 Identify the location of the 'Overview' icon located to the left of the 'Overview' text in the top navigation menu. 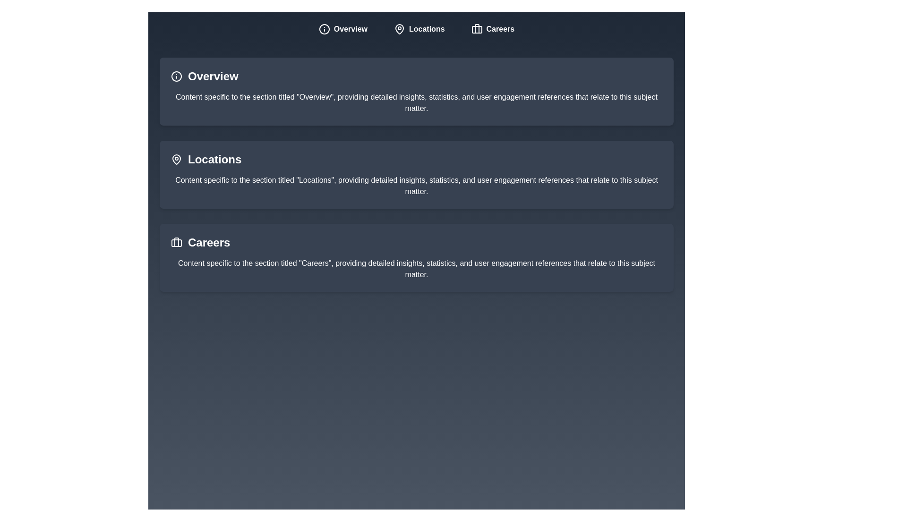
(324, 28).